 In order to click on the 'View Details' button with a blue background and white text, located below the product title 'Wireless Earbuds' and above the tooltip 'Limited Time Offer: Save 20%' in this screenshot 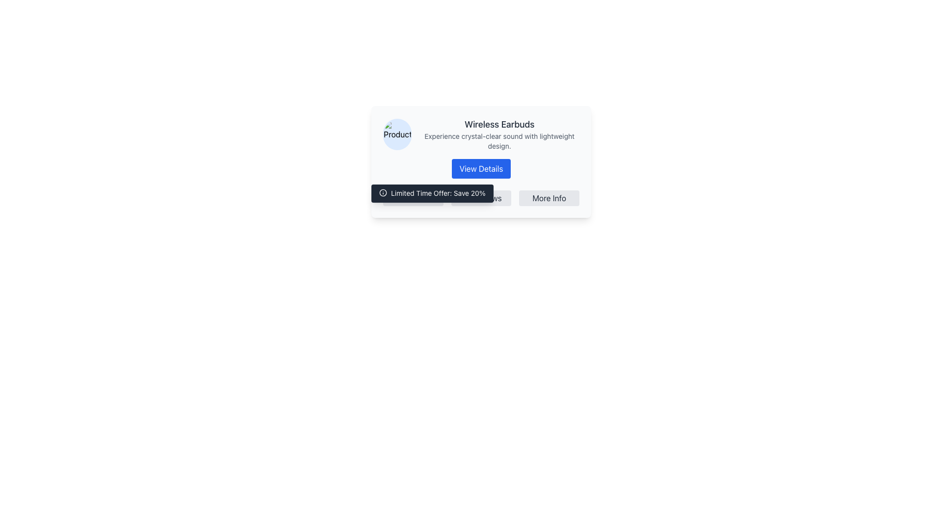, I will do `click(481, 168)`.